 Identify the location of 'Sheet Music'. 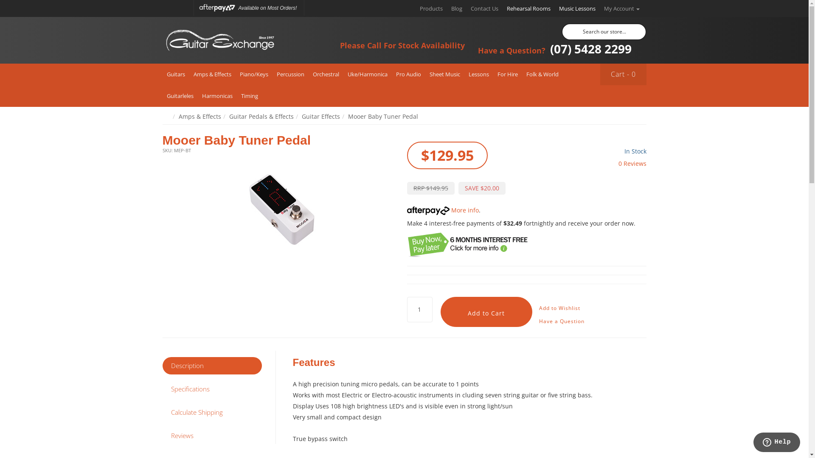
(444, 74).